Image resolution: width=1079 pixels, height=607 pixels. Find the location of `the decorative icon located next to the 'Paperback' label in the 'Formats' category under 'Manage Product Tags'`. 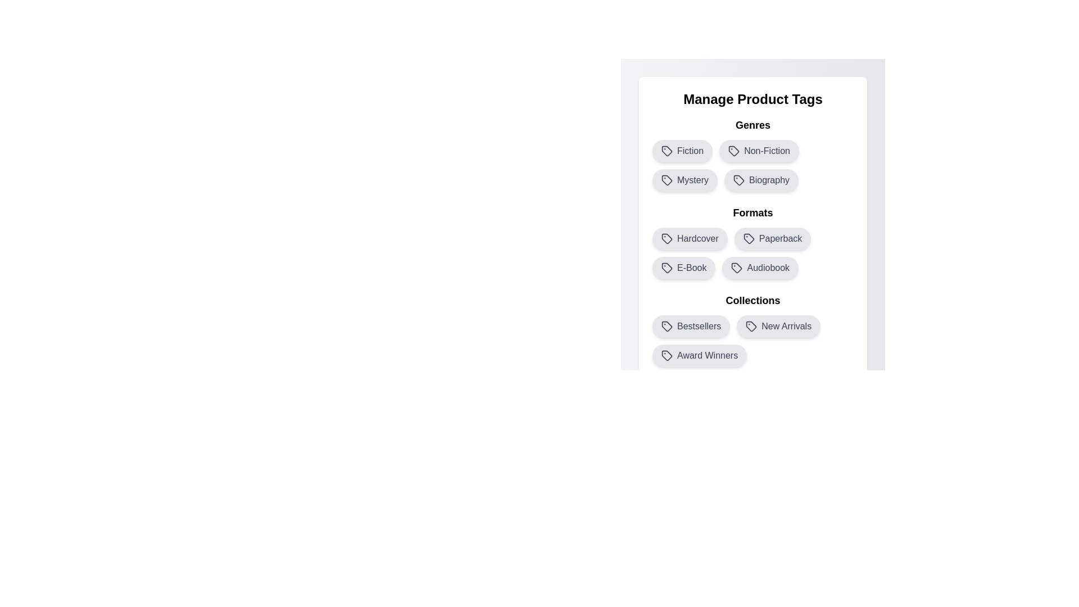

the decorative icon located next to the 'Paperback' label in the 'Formats' category under 'Manage Product Tags' is located at coordinates (749, 238).